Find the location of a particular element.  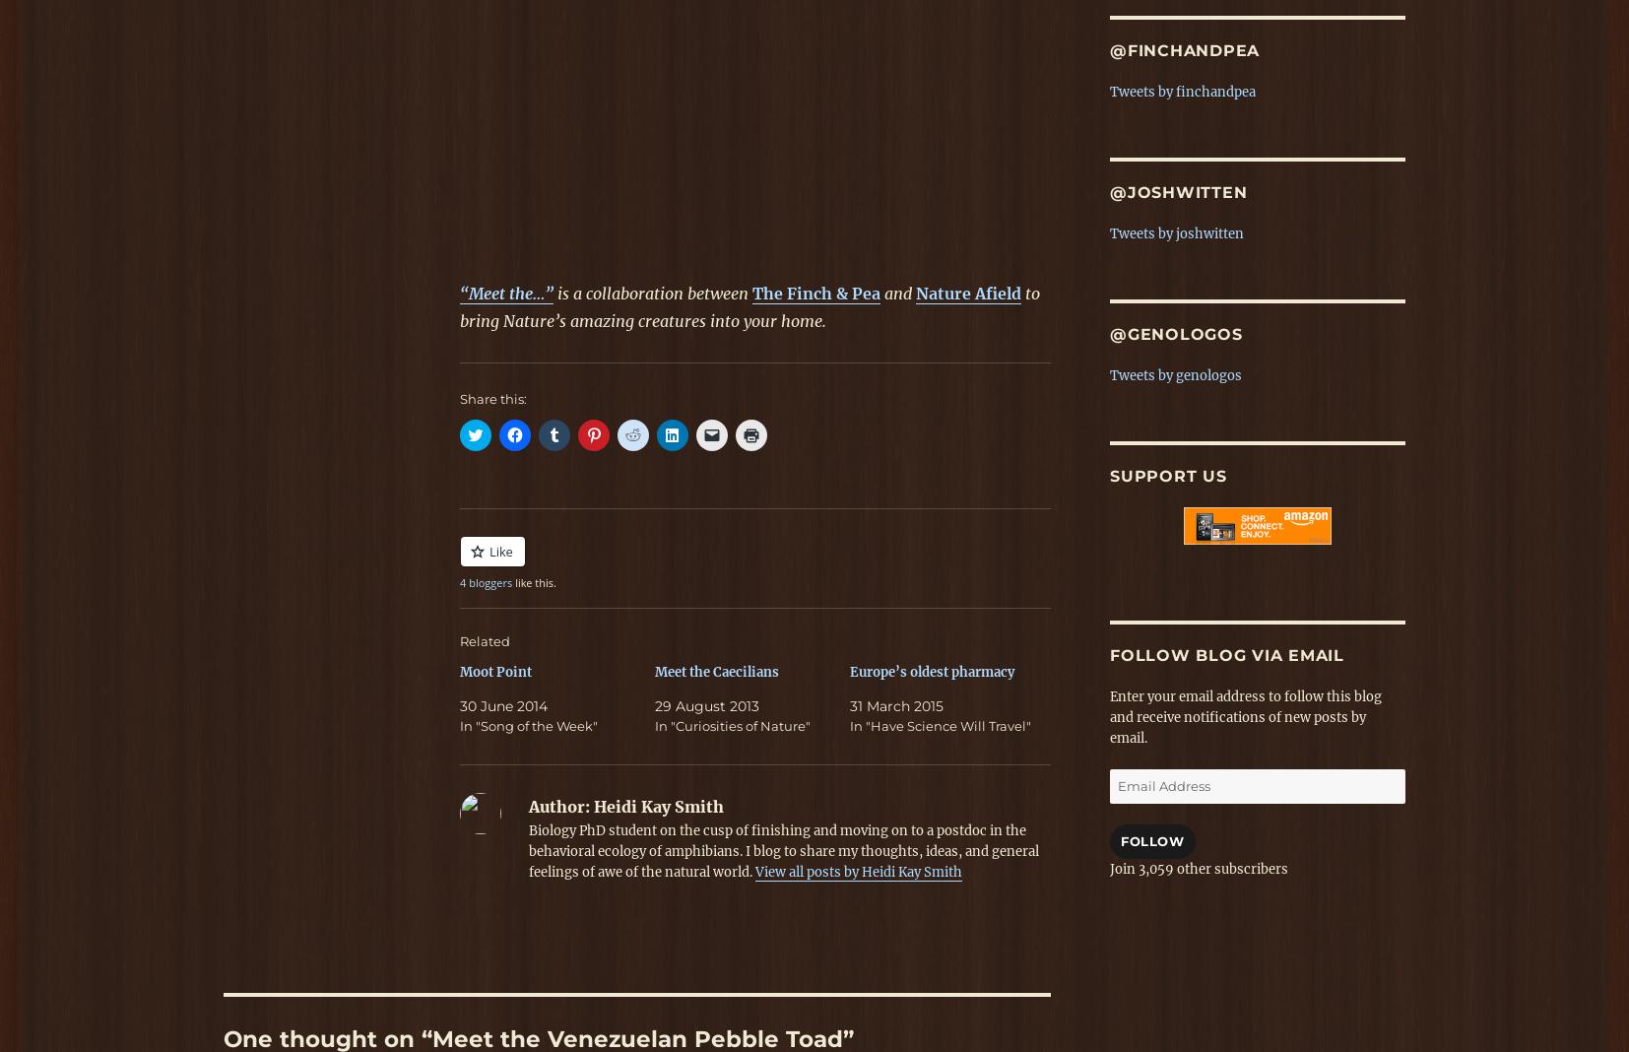

'@finchandpea' is located at coordinates (1183, 49).